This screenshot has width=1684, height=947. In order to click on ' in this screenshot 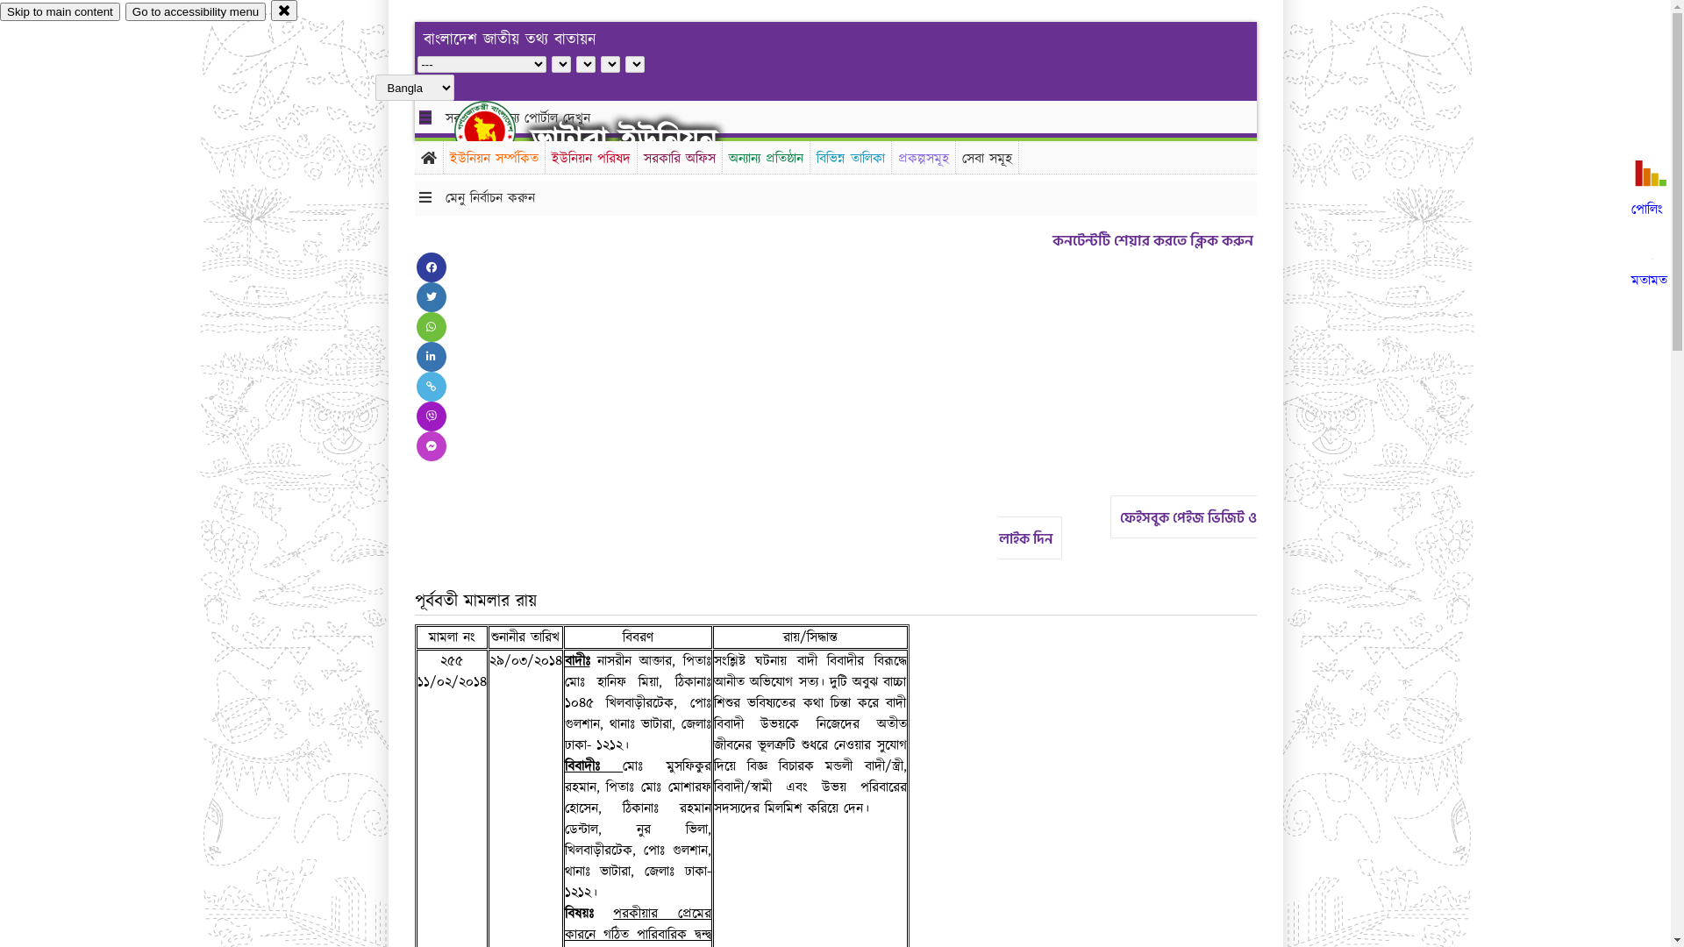, I will do `click(499, 130)`.